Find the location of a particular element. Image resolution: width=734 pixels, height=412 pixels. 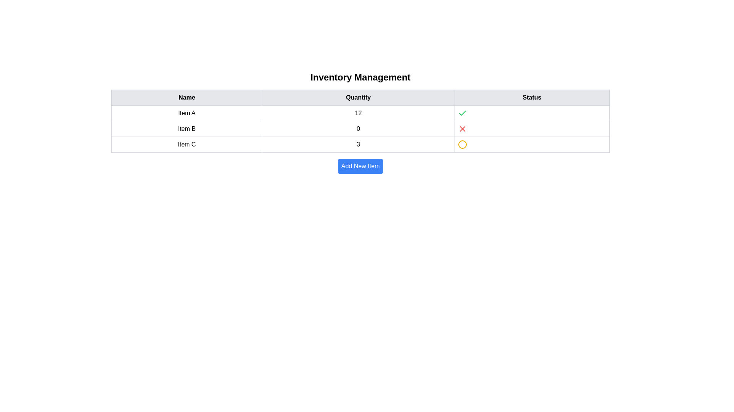

the 'Status' column header text label, which is styled in bold and centered within a light gray background, acting as a header for the table column is located at coordinates (531, 97).